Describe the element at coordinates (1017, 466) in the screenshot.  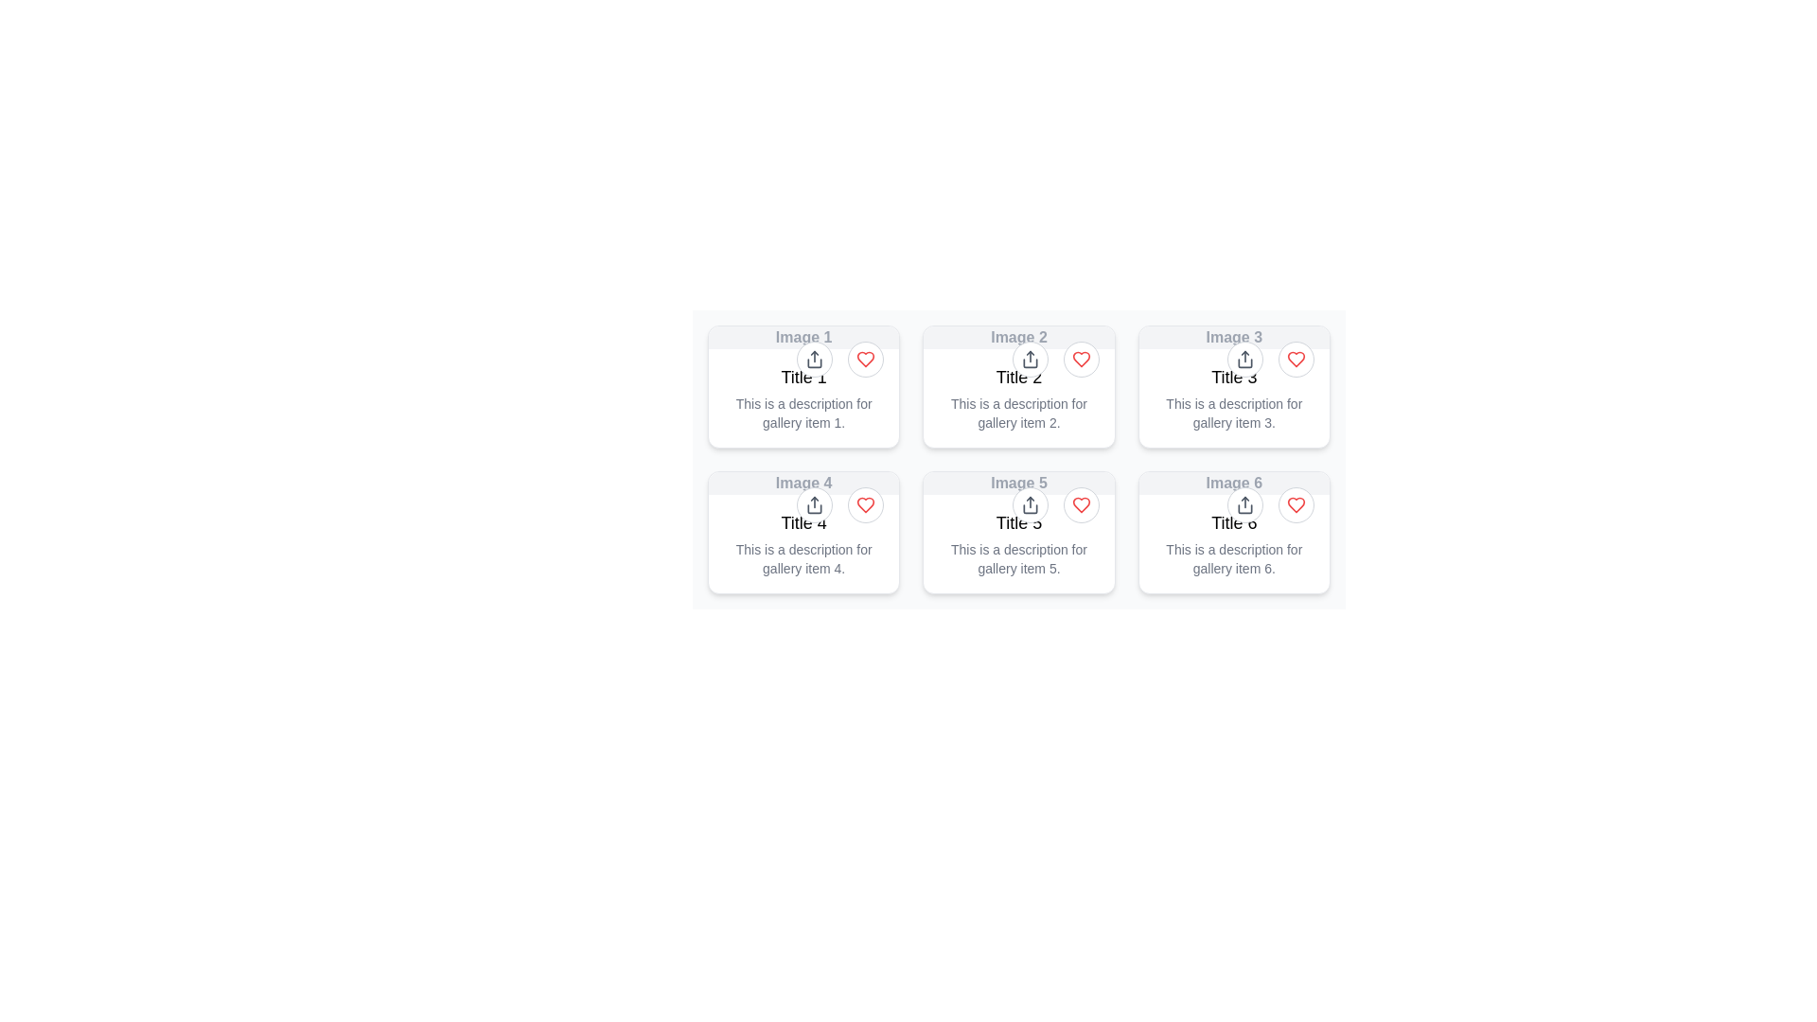
I see `the heart symbol located on the fifth card titled 'Title 5' in the second row, middle column of the card layout` at that location.